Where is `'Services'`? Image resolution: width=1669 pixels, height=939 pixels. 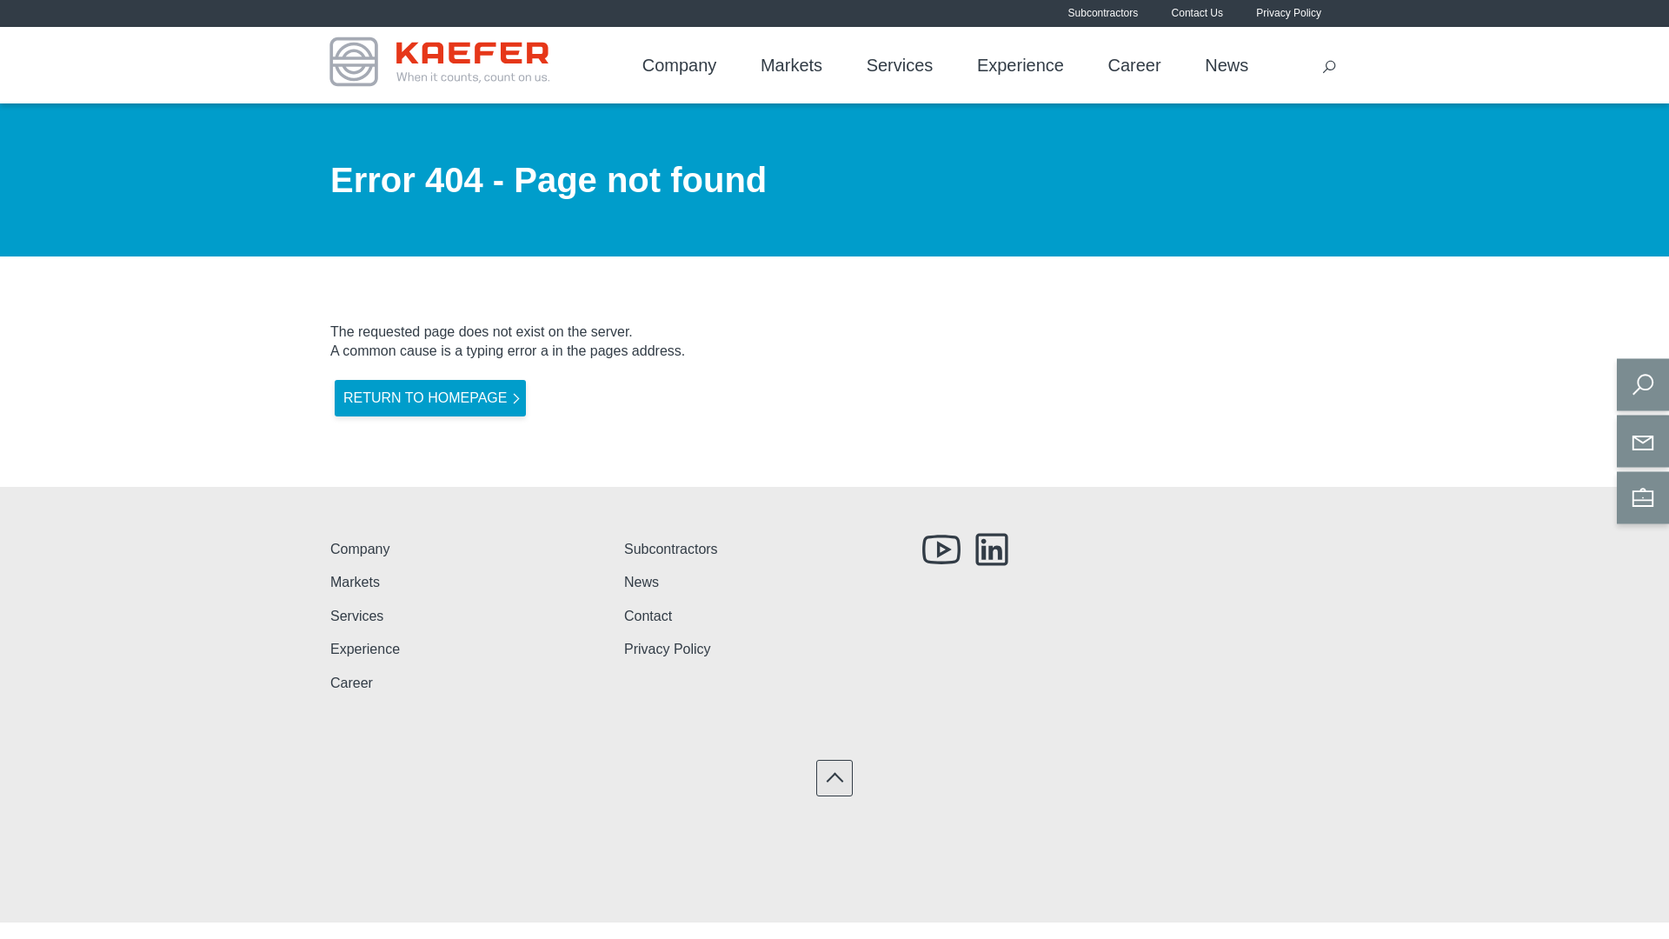 'Services' is located at coordinates (900, 65).